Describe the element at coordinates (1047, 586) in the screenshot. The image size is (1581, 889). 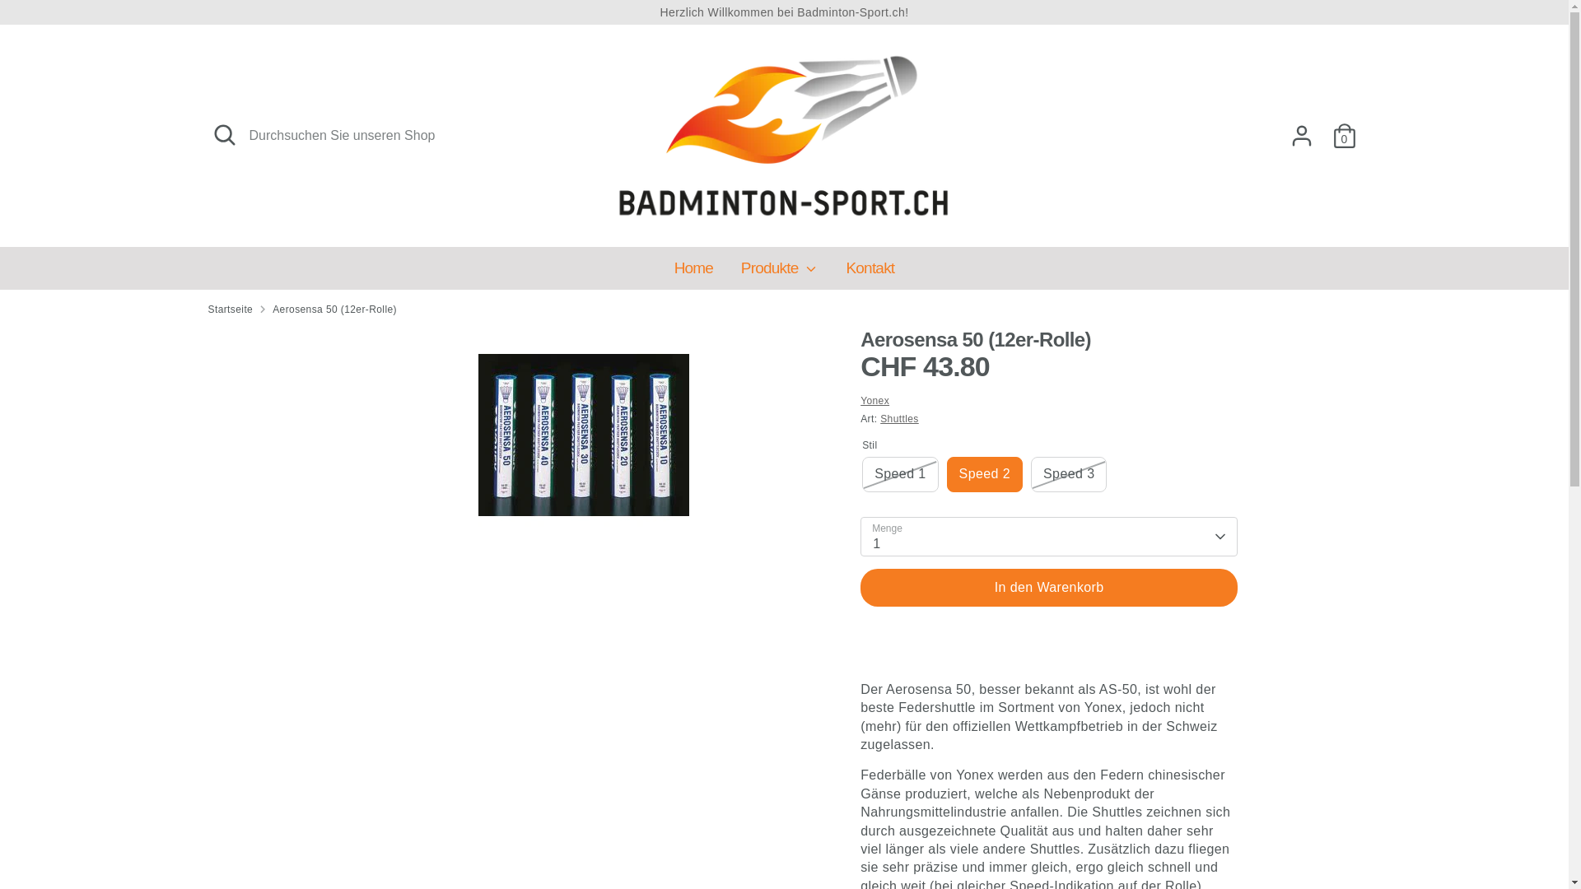
I see `'In den Warenkorb'` at that location.